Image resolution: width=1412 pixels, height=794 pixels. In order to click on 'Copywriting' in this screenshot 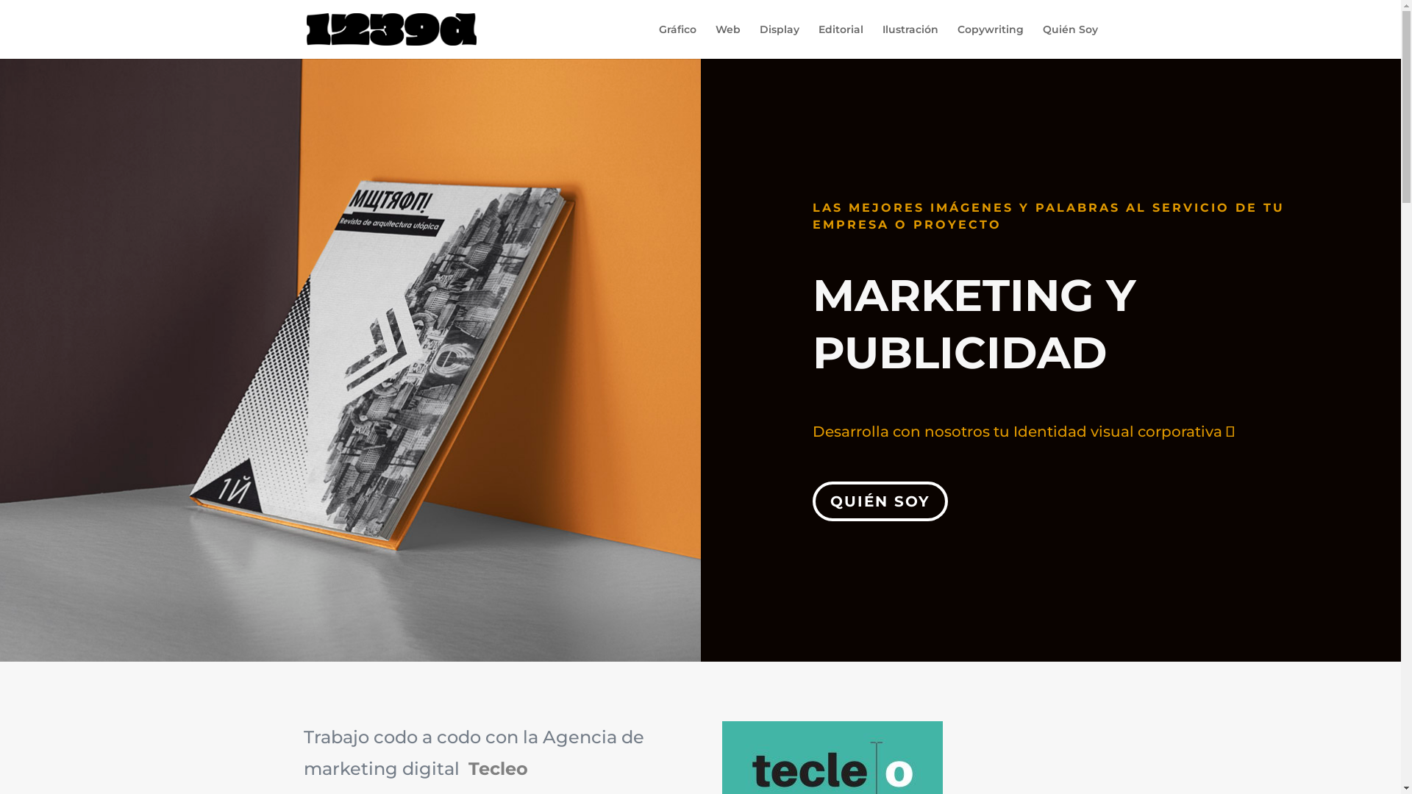, I will do `click(991, 40)`.